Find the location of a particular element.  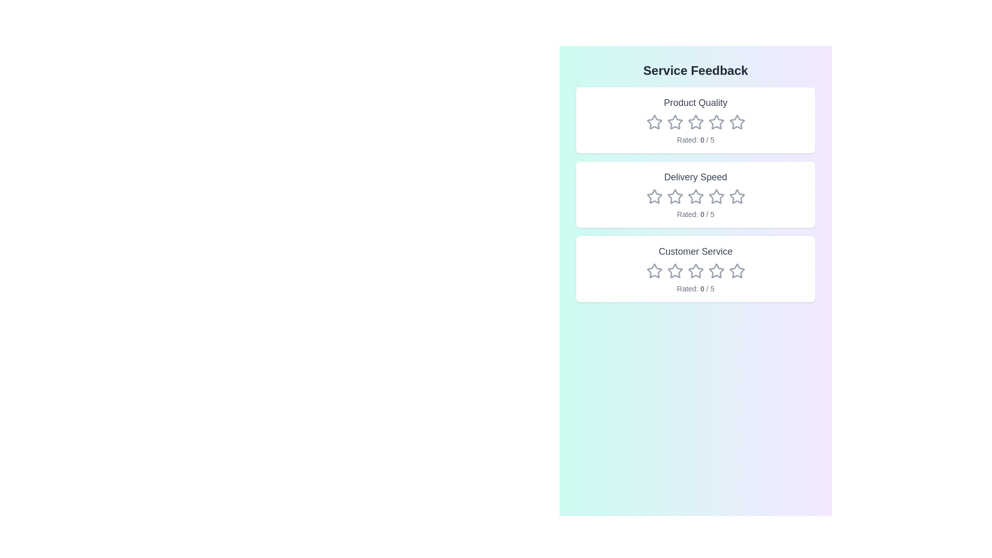

the rating for the category Delivery Speed to 5 stars is located at coordinates (736, 197).